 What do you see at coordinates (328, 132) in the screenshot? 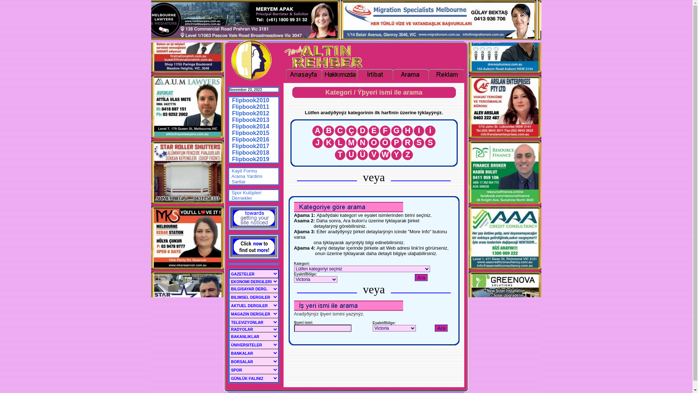
I see `'B'` at bounding box center [328, 132].